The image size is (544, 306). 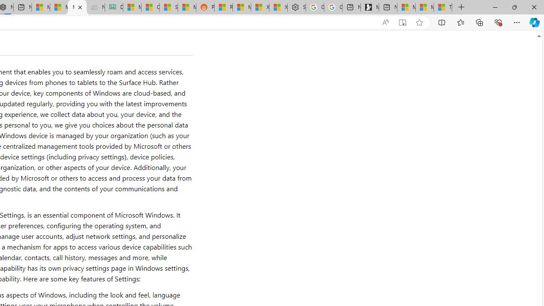 What do you see at coordinates (169, 7) in the screenshot?
I see `'Stocks - MSN'` at bounding box center [169, 7].